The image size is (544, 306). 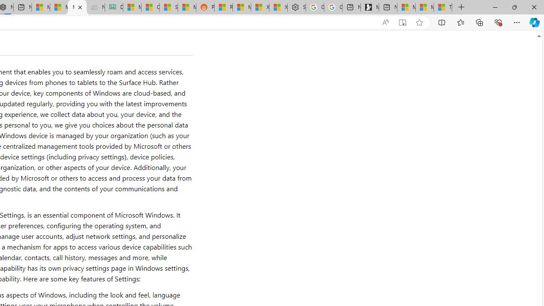 What do you see at coordinates (169, 7) in the screenshot?
I see `'Stocks - MSN'` at bounding box center [169, 7].